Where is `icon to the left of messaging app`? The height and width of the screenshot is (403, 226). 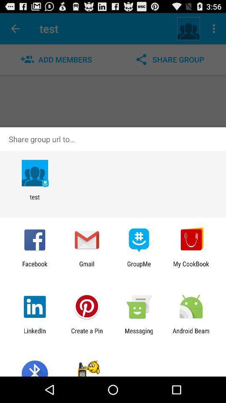
icon to the left of messaging app is located at coordinates (86, 334).